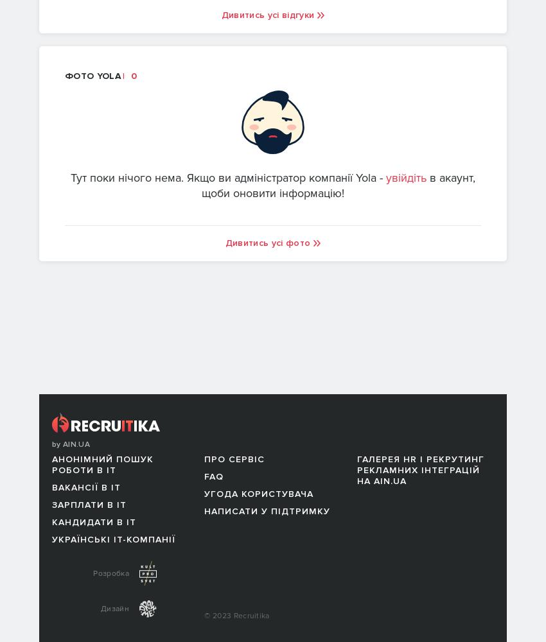 The image size is (546, 642). What do you see at coordinates (227, 177) in the screenshot?
I see `'Тут поки нічого нема.
          Якщо ви адміністратор компанії Yola -'` at bounding box center [227, 177].